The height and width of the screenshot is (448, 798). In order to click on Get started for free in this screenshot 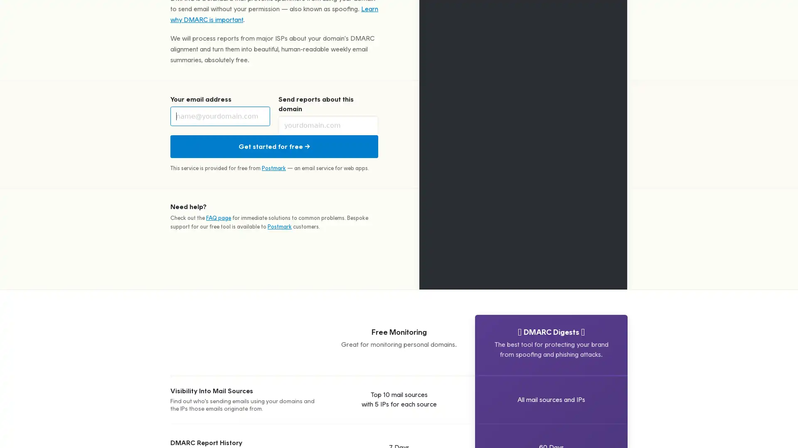, I will do `click(274, 146)`.